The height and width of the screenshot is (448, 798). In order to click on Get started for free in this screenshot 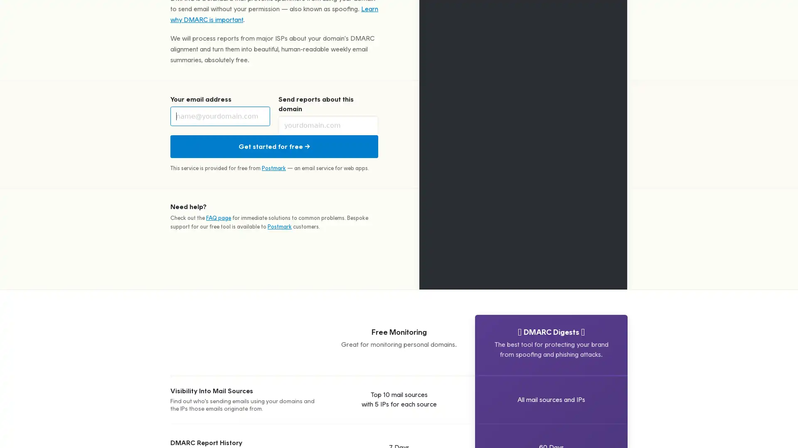, I will do `click(274, 146)`.